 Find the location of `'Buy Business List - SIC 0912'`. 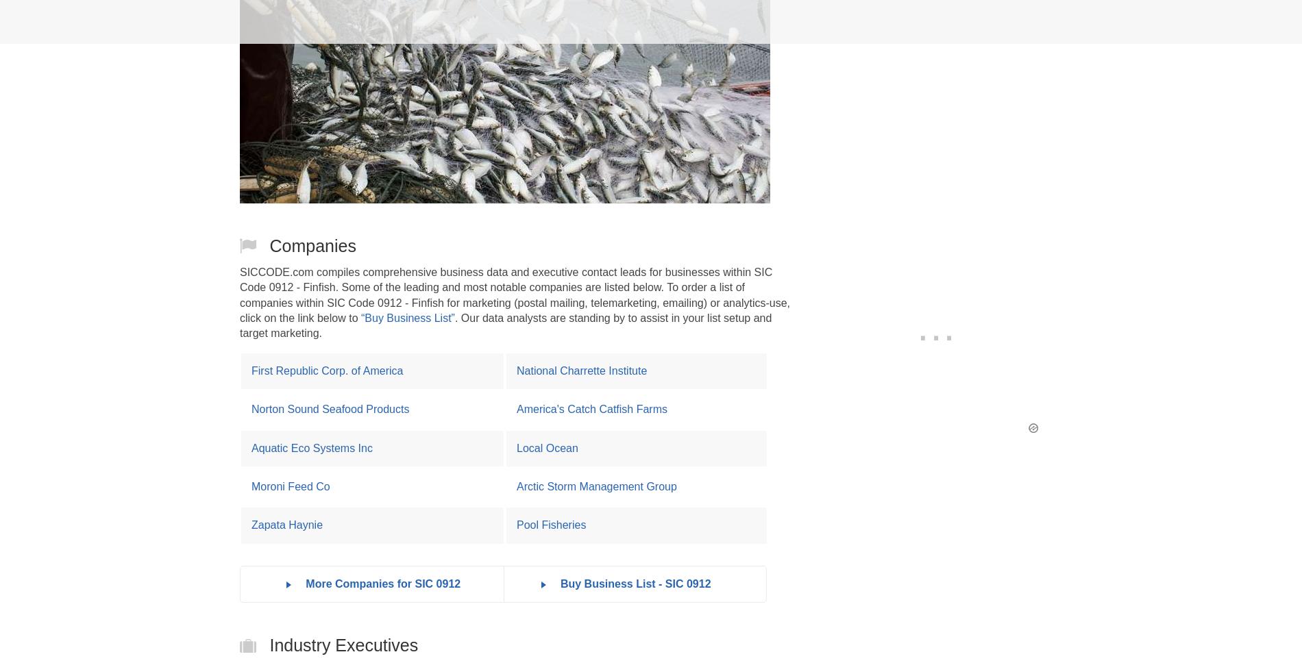

'Buy Business List - SIC 0912' is located at coordinates (635, 582).